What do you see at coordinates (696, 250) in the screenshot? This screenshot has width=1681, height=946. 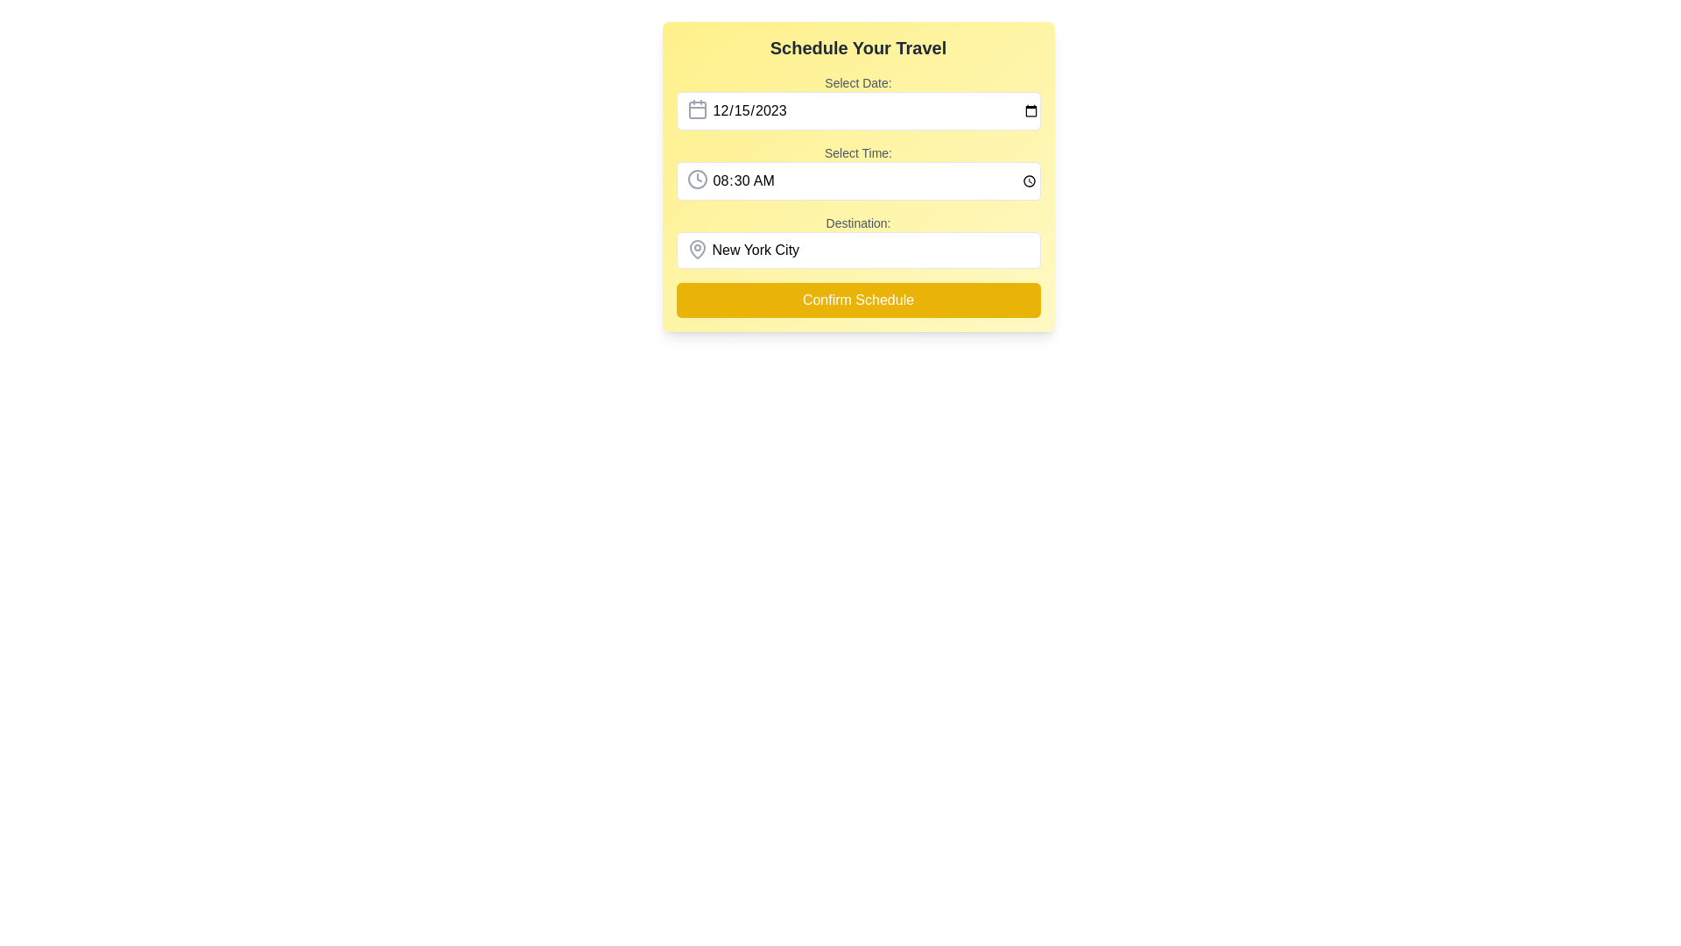 I see `the map pin SVG icon located to the left of the 'New York City' text in the 'Destination' input field` at bounding box center [696, 250].